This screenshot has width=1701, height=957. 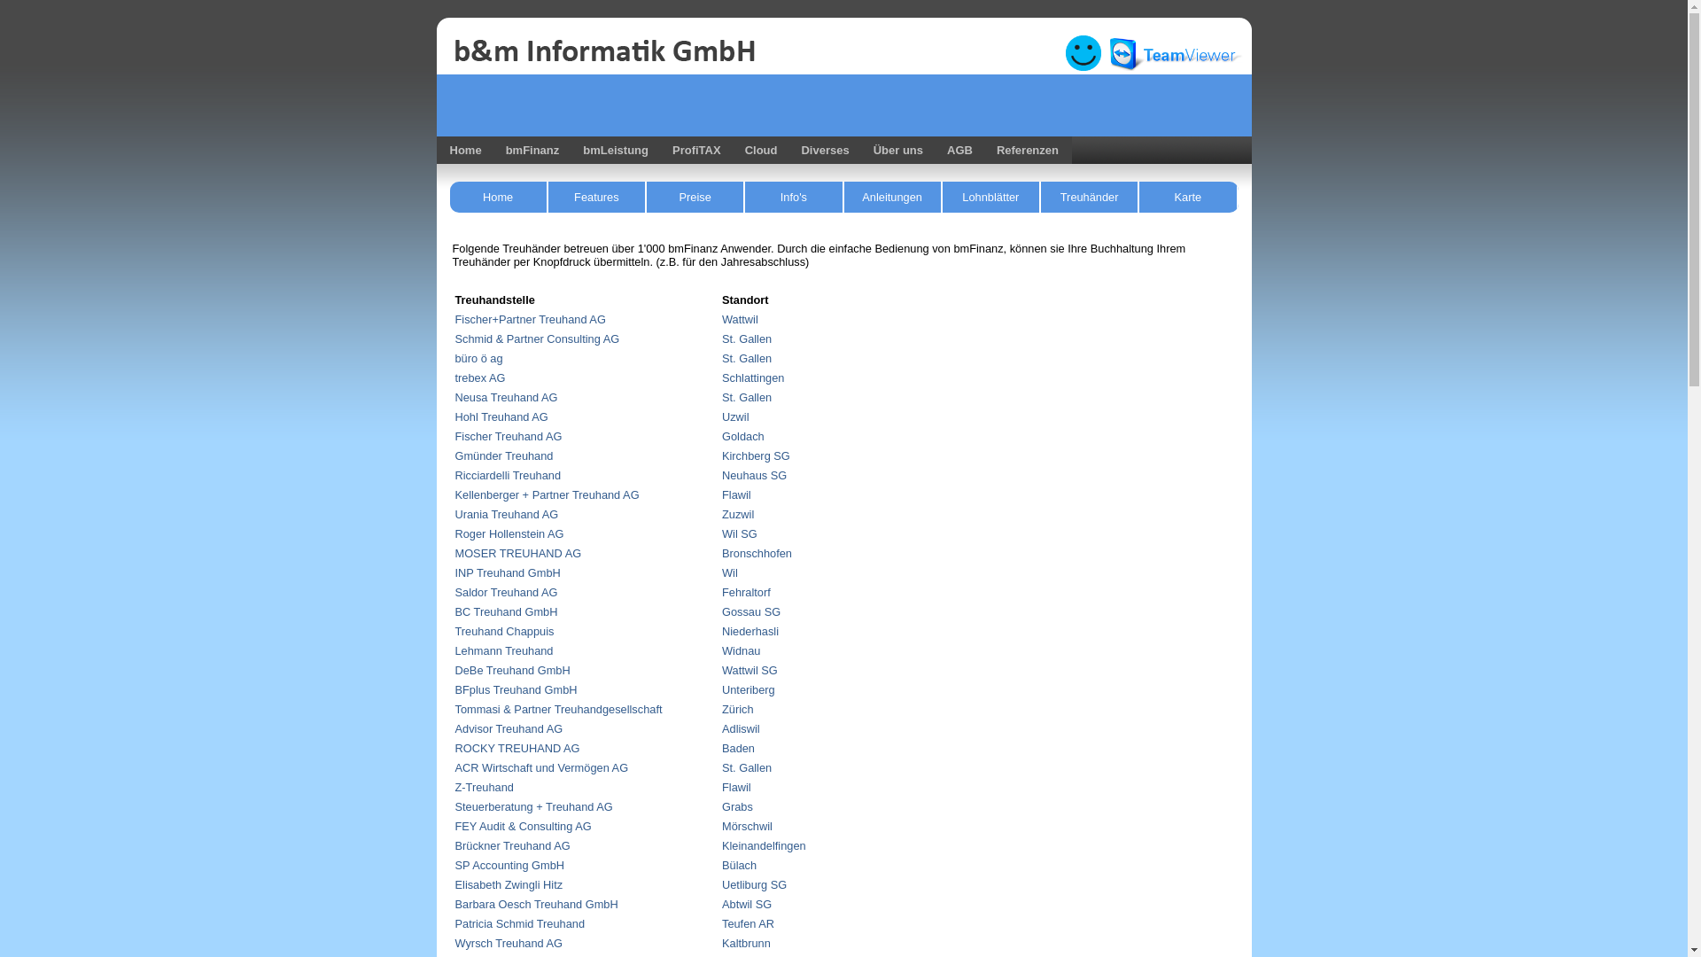 I want to click on 'Saldor Treuhand AG', so click(x=454, y=592).